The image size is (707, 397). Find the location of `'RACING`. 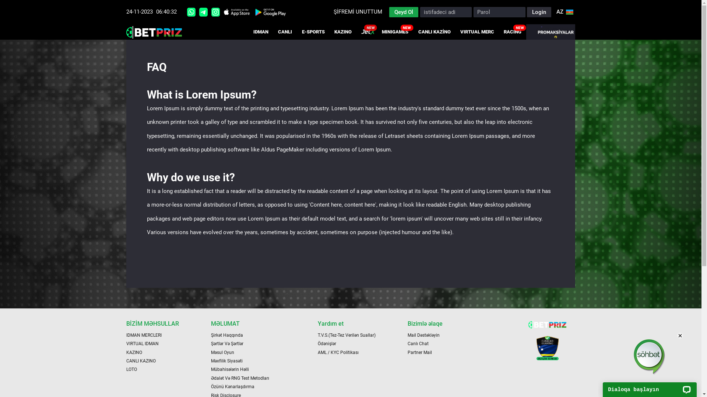

'RACING is located at coordinates (499, 32).